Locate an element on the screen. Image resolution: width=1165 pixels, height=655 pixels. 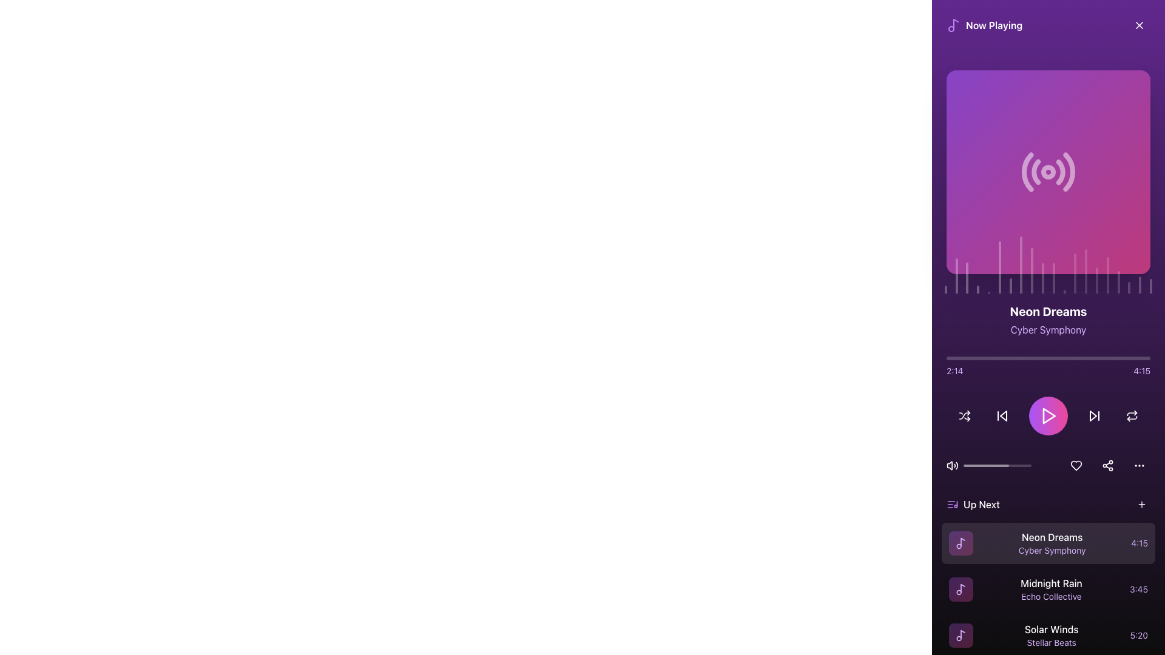
the heart-shaped favorite button outlined in white on a dark purple background is located at coordinates (1076, 465).